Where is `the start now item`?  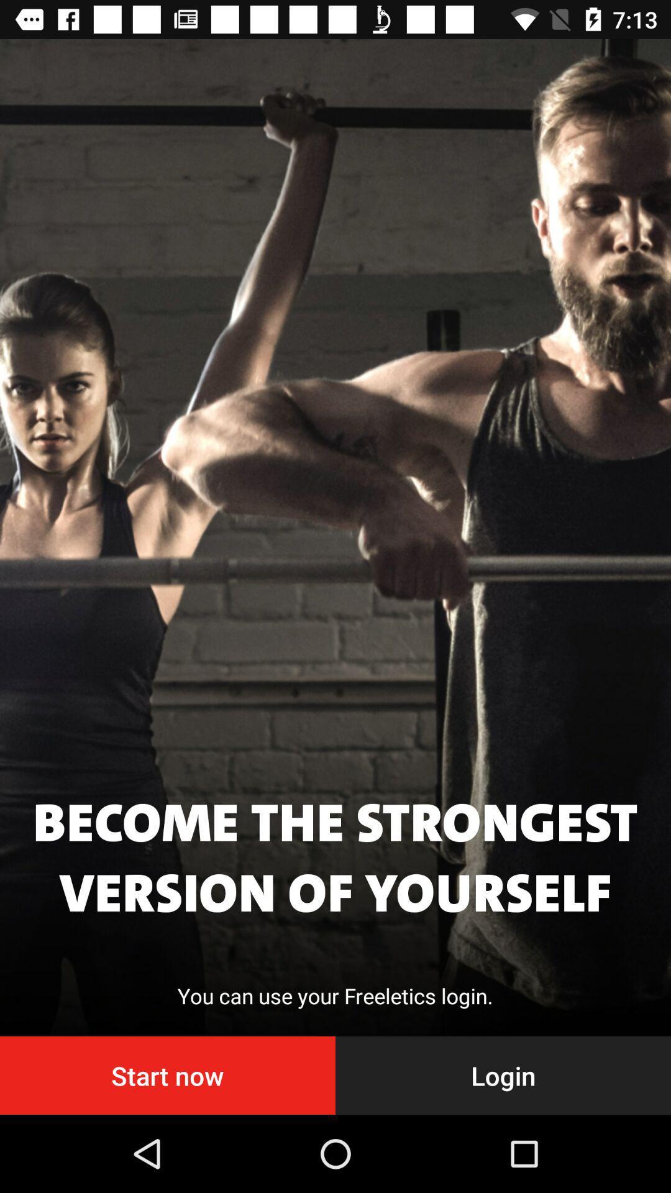 the start now item is located at coordinates (168, 1075).